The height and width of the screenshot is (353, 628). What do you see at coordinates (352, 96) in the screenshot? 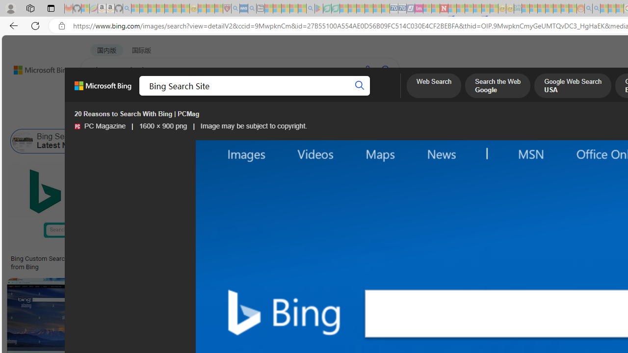
I see `'DICT'` at bounding box center [352, 96].